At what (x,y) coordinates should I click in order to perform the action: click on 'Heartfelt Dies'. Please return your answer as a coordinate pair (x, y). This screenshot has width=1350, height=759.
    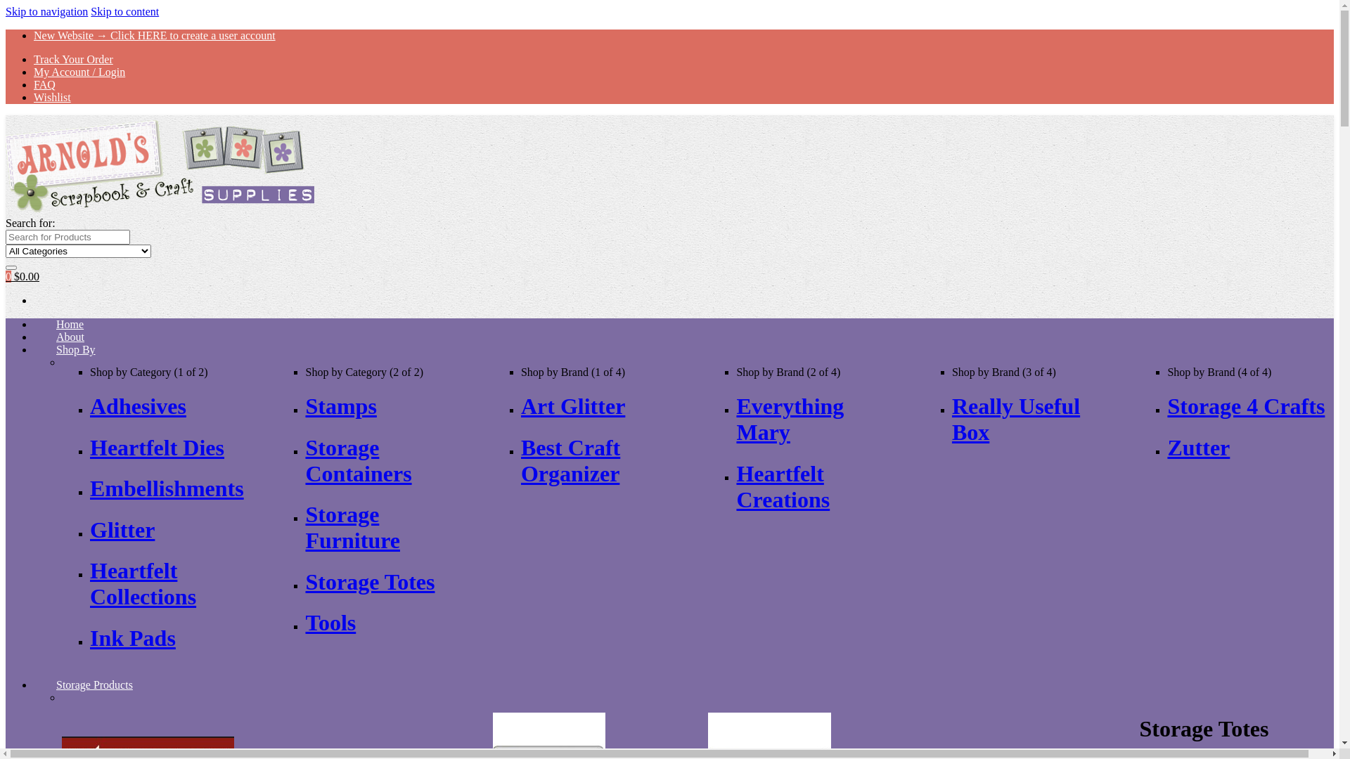
    Looking at the image, I should click on (157, 447).